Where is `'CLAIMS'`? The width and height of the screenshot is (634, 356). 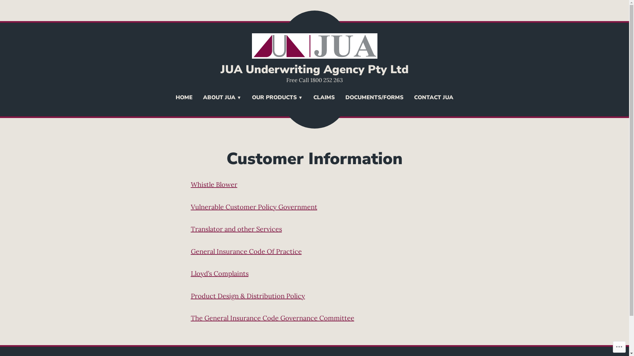 'CLAIMS' is located at coordinates (324, 98).